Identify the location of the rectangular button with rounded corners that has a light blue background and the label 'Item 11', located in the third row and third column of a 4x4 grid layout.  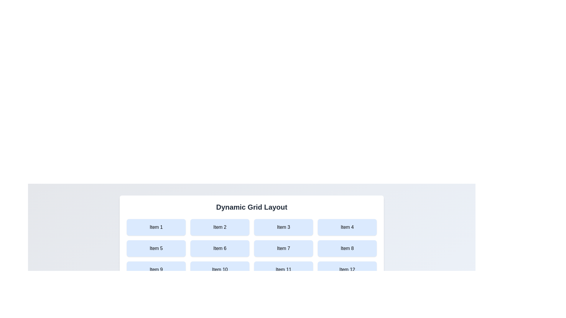
(283, 269).